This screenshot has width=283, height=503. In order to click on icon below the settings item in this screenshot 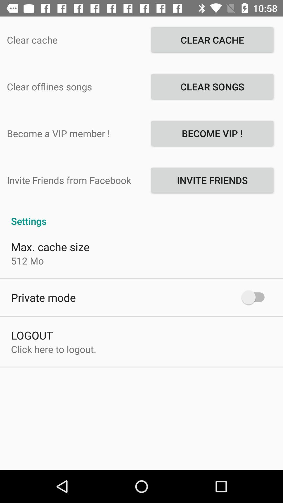, I will do `click(50, 246)`.